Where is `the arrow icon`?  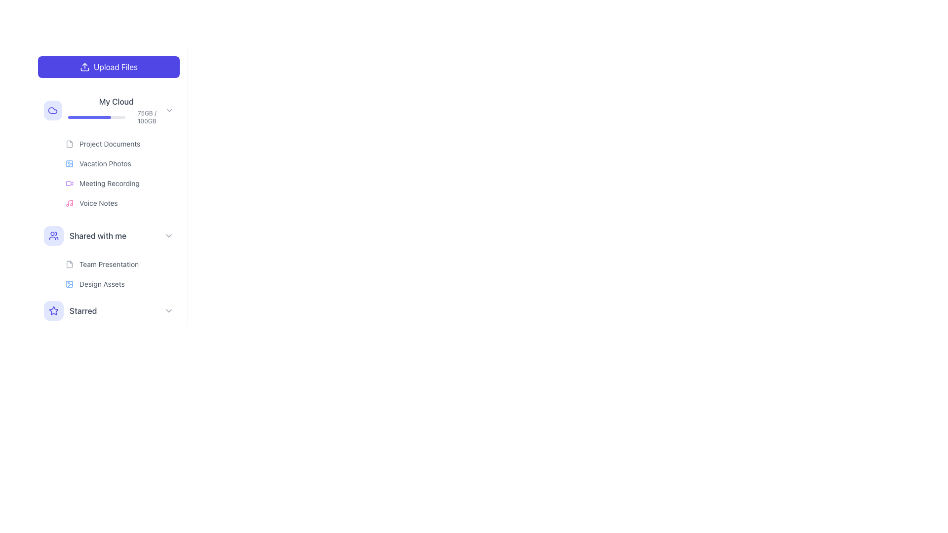 the arrow icon is located at coordinates (168, 310).